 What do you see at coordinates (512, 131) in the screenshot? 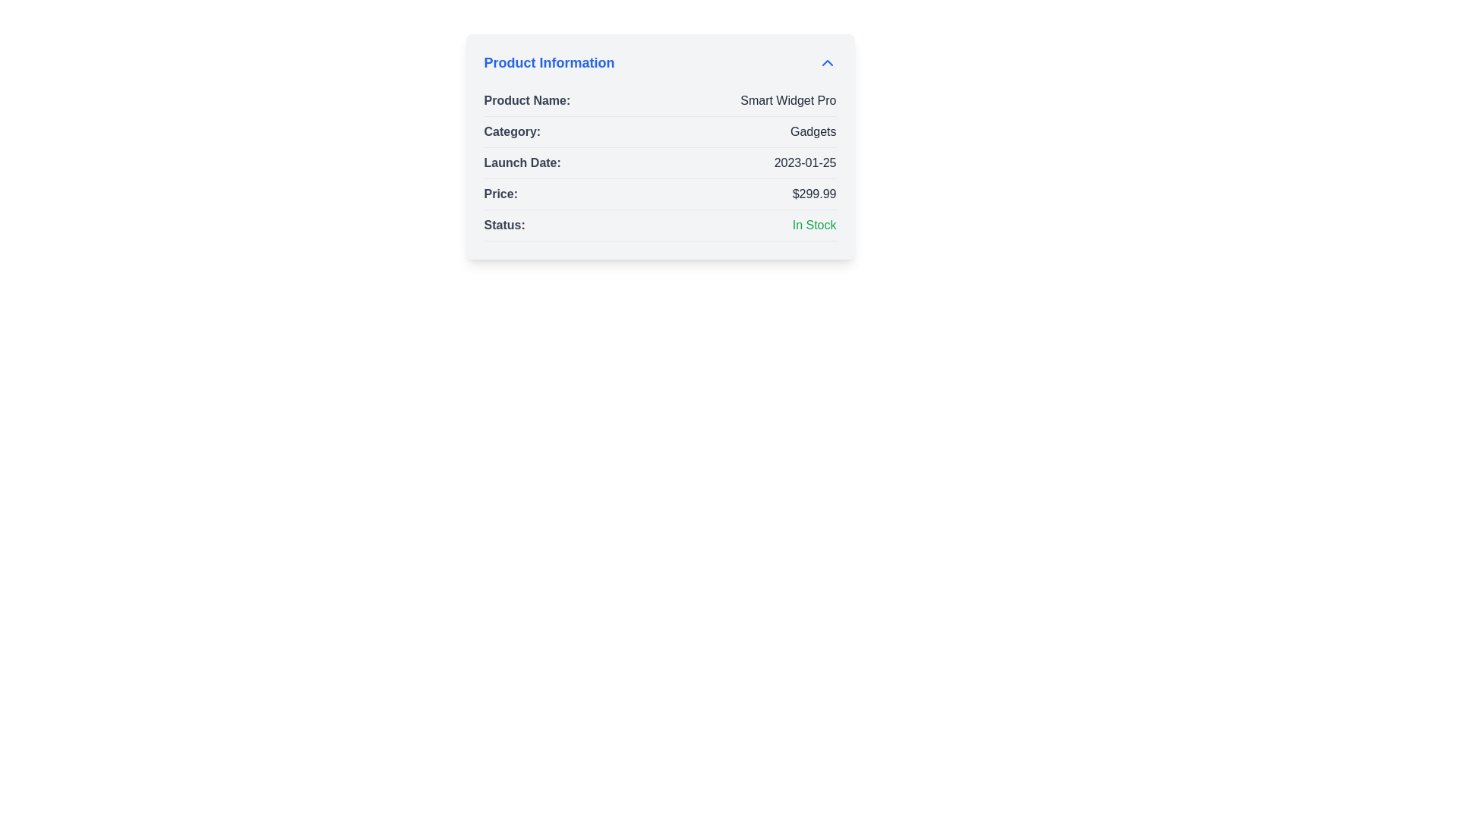
I see `the text label 'Category:' which is bold and gray, located in the 'Product Information' section before the value 'Gadgets'` at bounding box center [512, 131].